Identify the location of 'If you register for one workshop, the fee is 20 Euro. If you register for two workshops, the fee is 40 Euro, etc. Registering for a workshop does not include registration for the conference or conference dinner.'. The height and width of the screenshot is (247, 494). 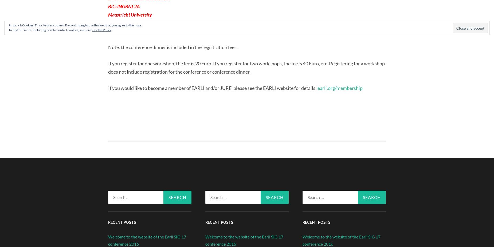
(108, 67).